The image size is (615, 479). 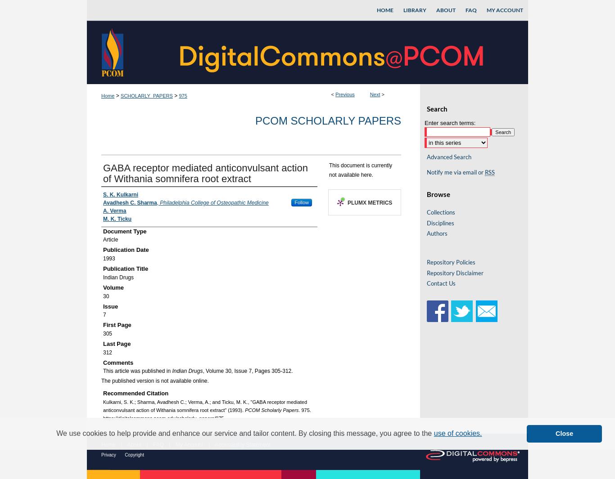 What do you see at coordinates (117, 218) in the screenshot?
I see `'M. K. Ticku'` at bounding box center [117, 218].